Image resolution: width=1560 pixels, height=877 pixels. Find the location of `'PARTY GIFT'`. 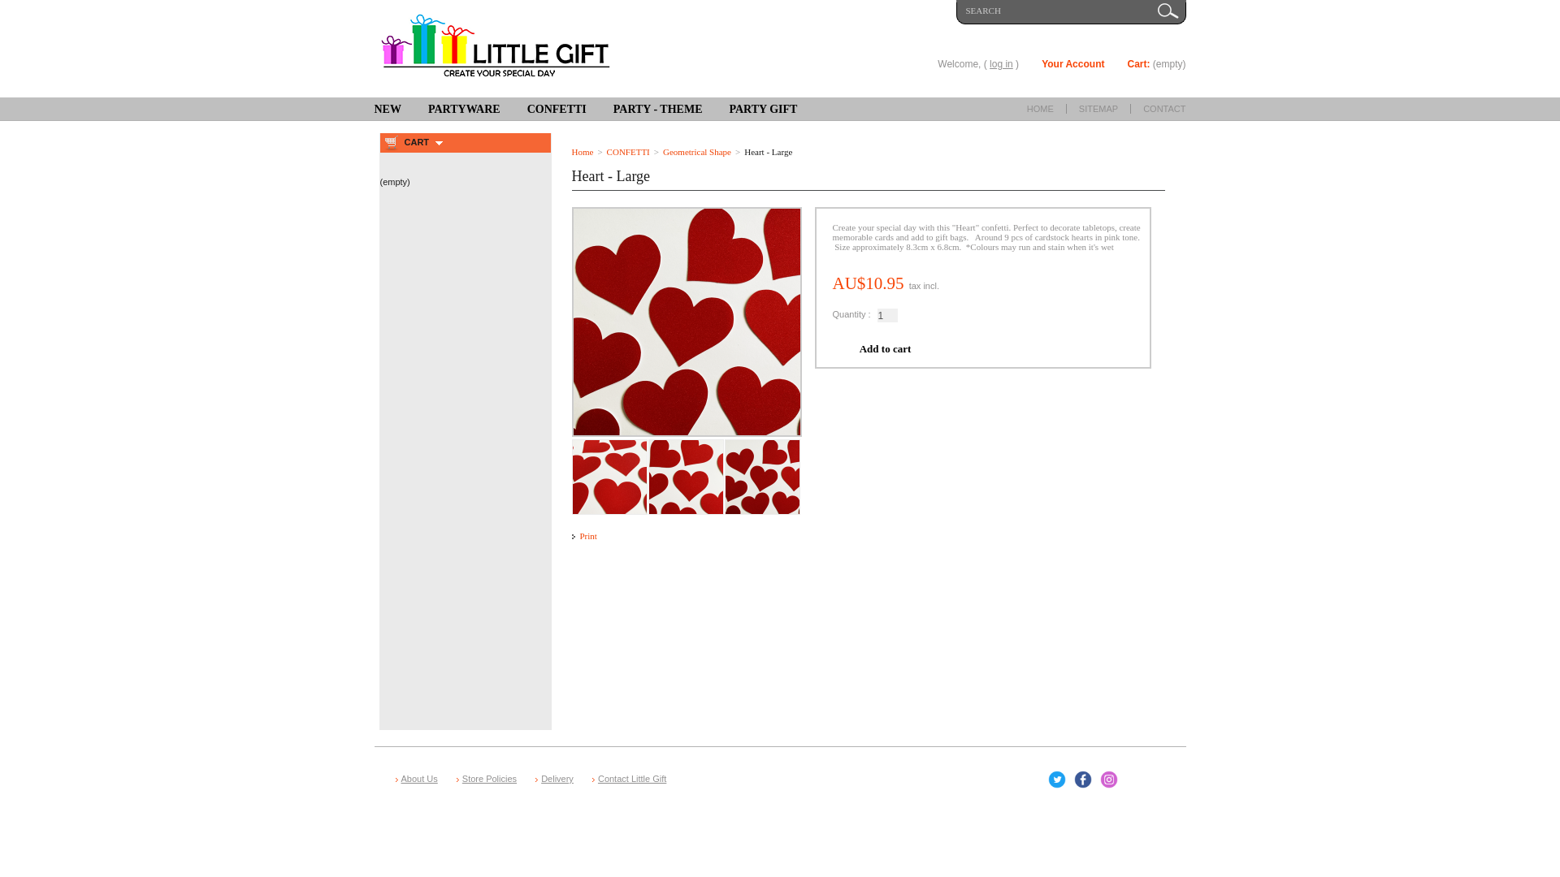

'PARTY GIFT' is located at coordinates (762, 110).